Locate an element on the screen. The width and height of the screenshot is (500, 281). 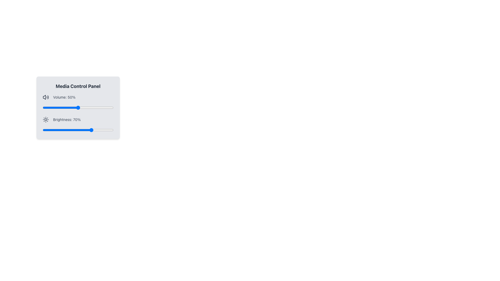
the speaker icon with sound waves next to the label 'Volume: 50%' on the media control panel is located at coordinates (46, 97).